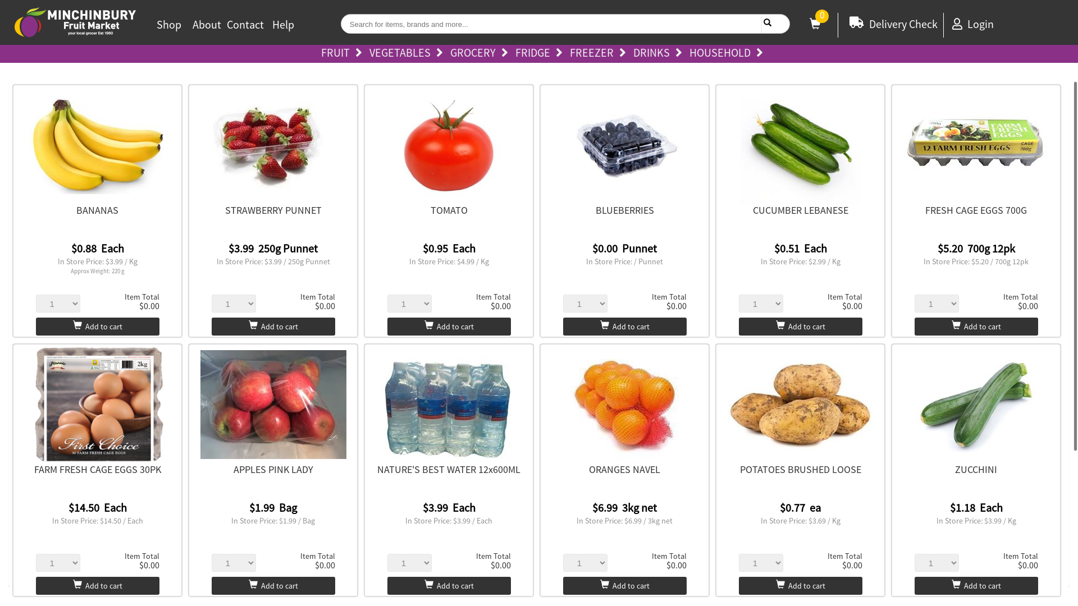 The image size is (1078, 606). I want to click on 'CUCUMBER LEBANESE', so click(800, 210).